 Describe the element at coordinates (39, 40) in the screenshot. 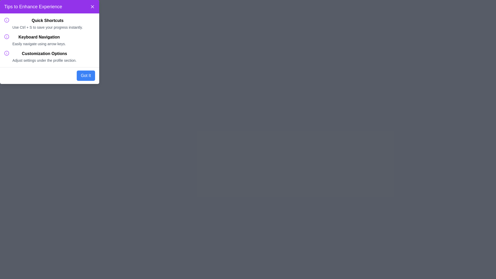

I see `the informative text block that describes keyboard navigation using arrow keys, located below 'Quick Shortcuts' and above 'Customization Options' in a dialog box` at that location.